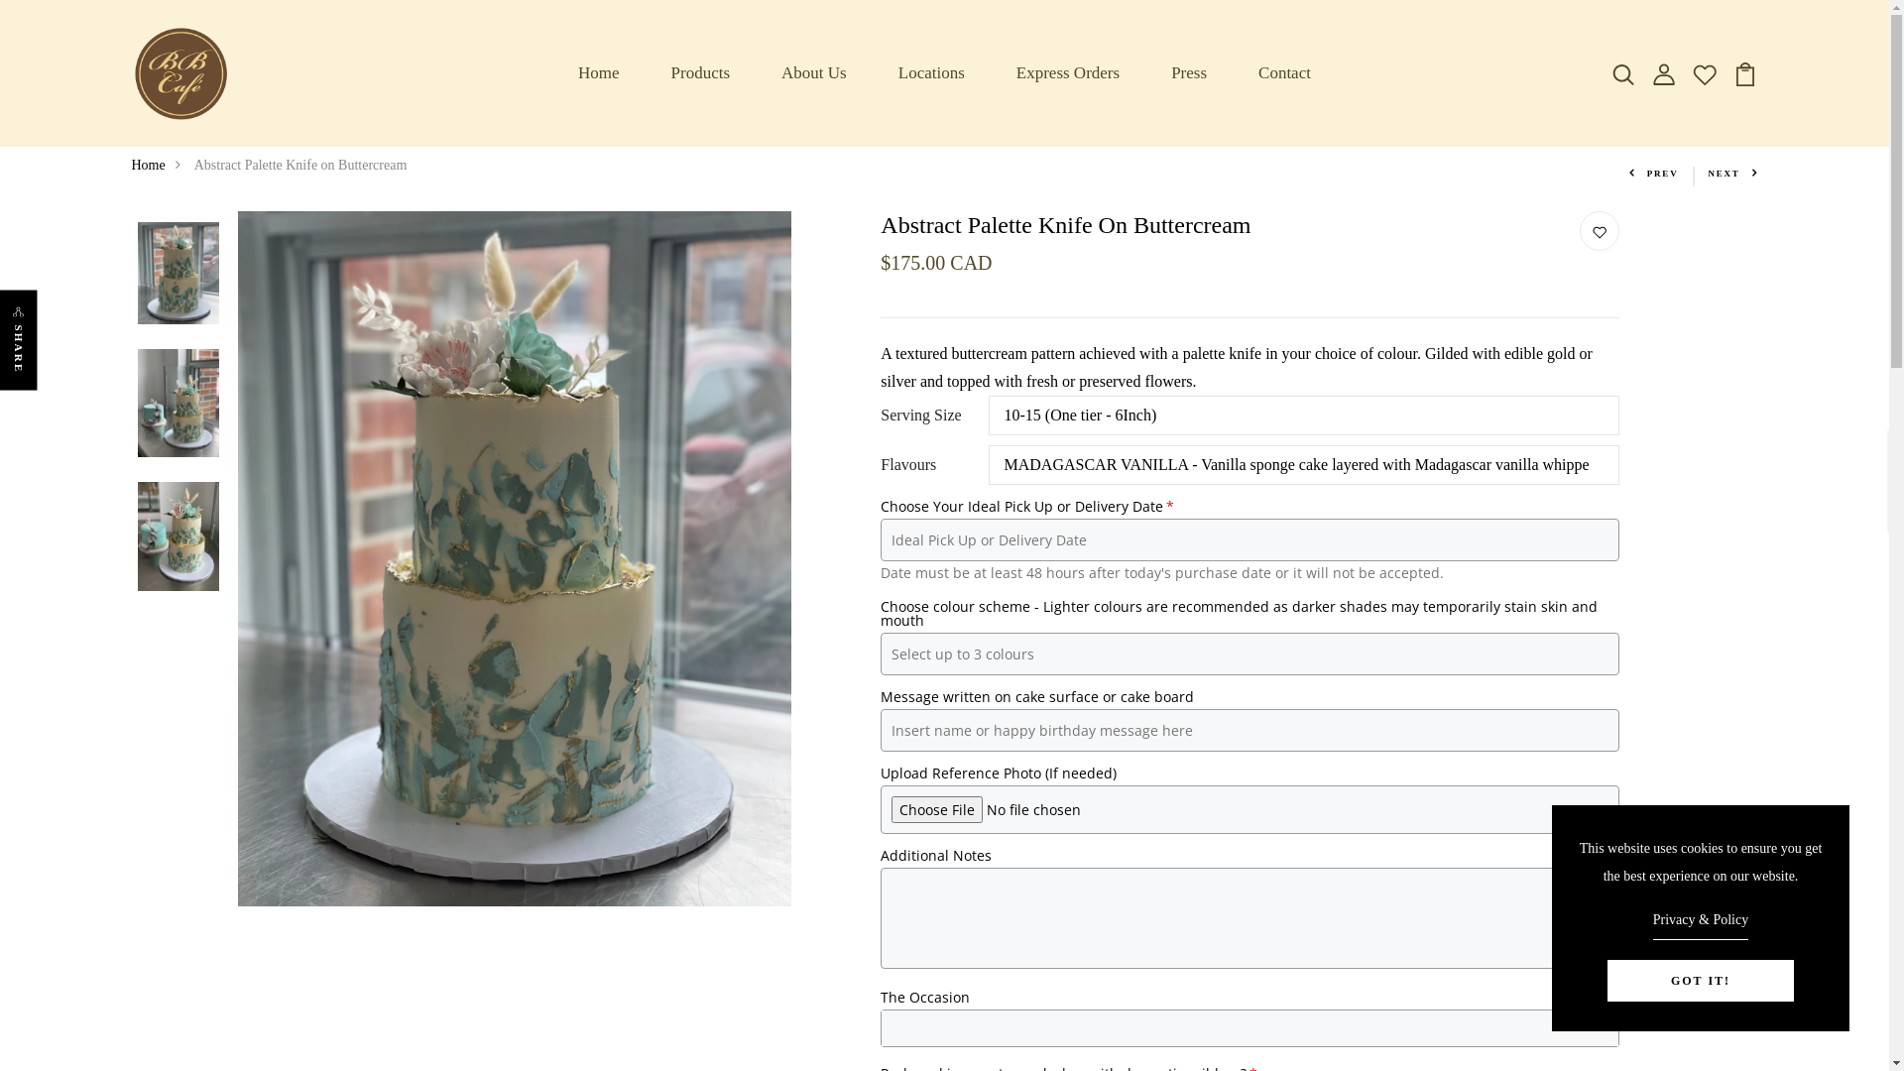  What do you see at coordinates (1731, 172) in the screenshot?
I see `'NEXT'` at bounding box center [1731, 172].